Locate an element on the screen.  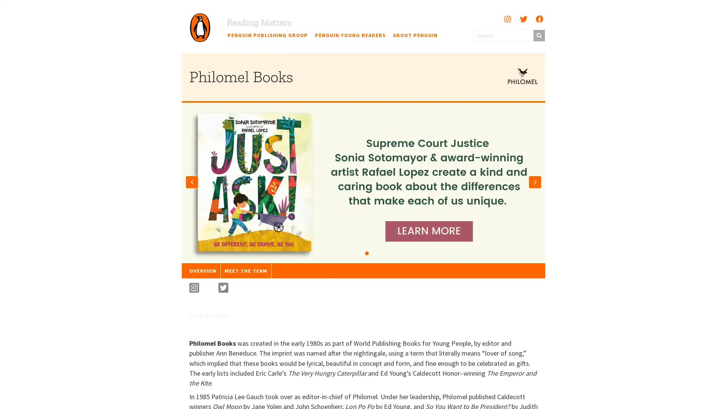
Just Ask! by Sonia Sotomayor and illustrated by Rafael Lopez is located at coordinates (367, 253).